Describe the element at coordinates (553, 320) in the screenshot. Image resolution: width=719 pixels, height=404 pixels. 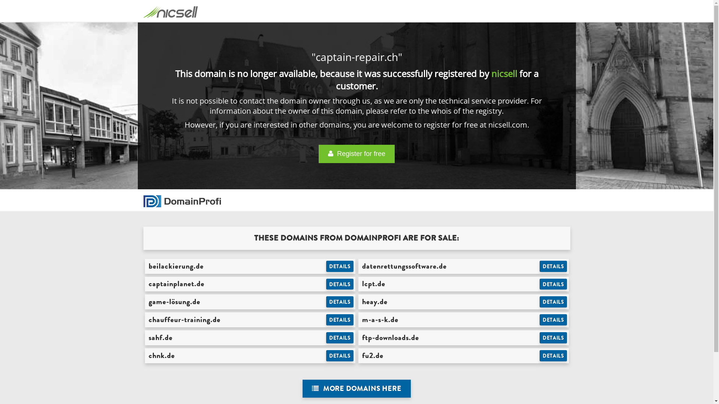
I see `'DETAILS'` at that location.